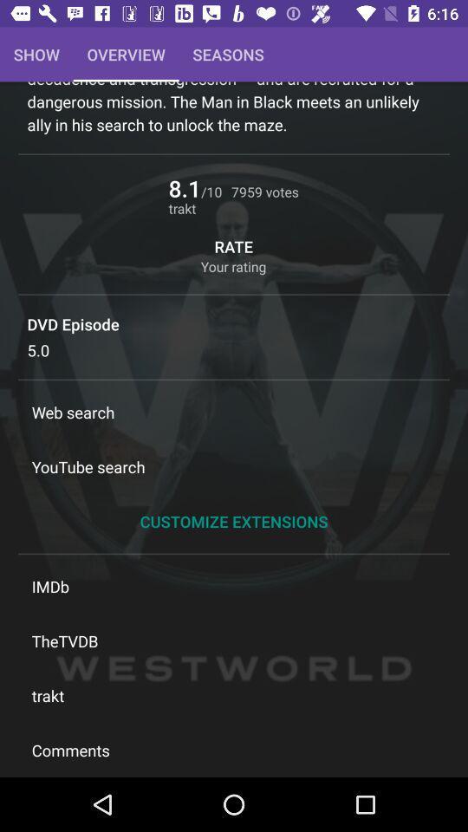  I want to click on customize extensions item, so click(234, 520).